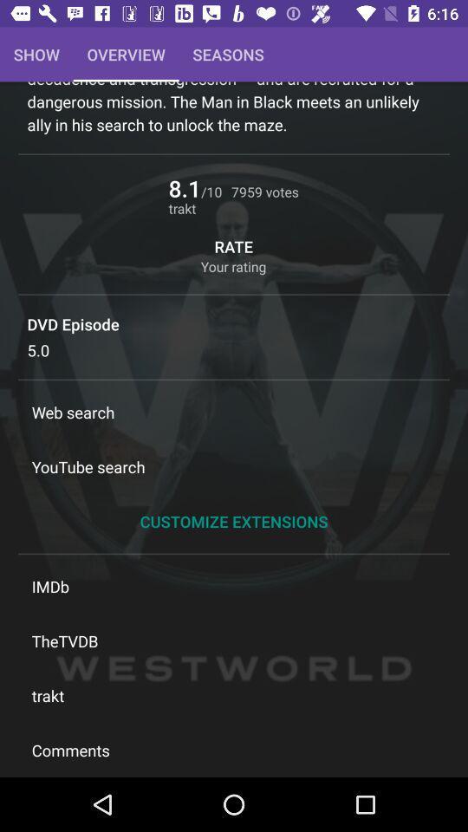  I want to click on customize extensions item, so click(234, 520).